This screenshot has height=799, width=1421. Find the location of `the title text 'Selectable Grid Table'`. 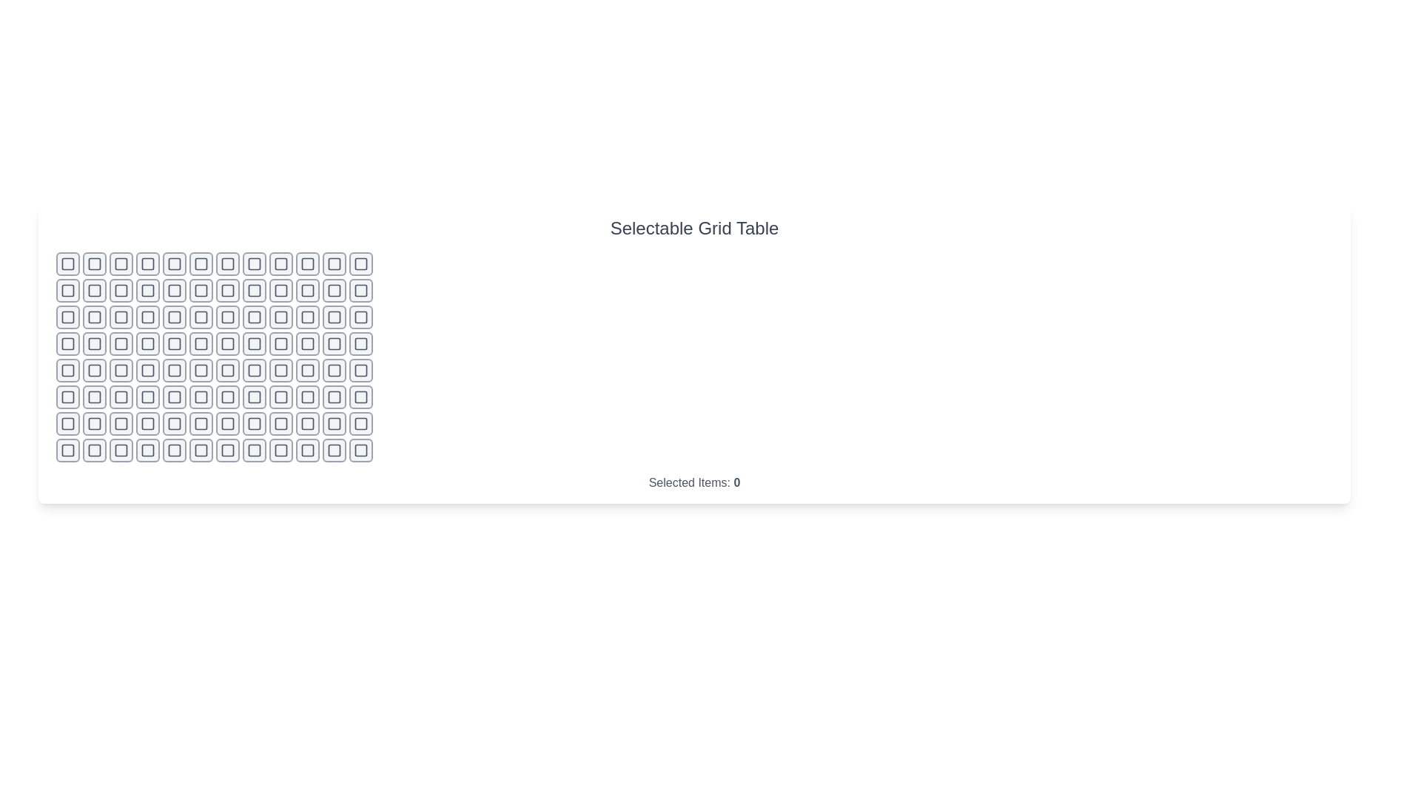

the title text 'Selectable Grid Table' is located at coordinates (693, 228).